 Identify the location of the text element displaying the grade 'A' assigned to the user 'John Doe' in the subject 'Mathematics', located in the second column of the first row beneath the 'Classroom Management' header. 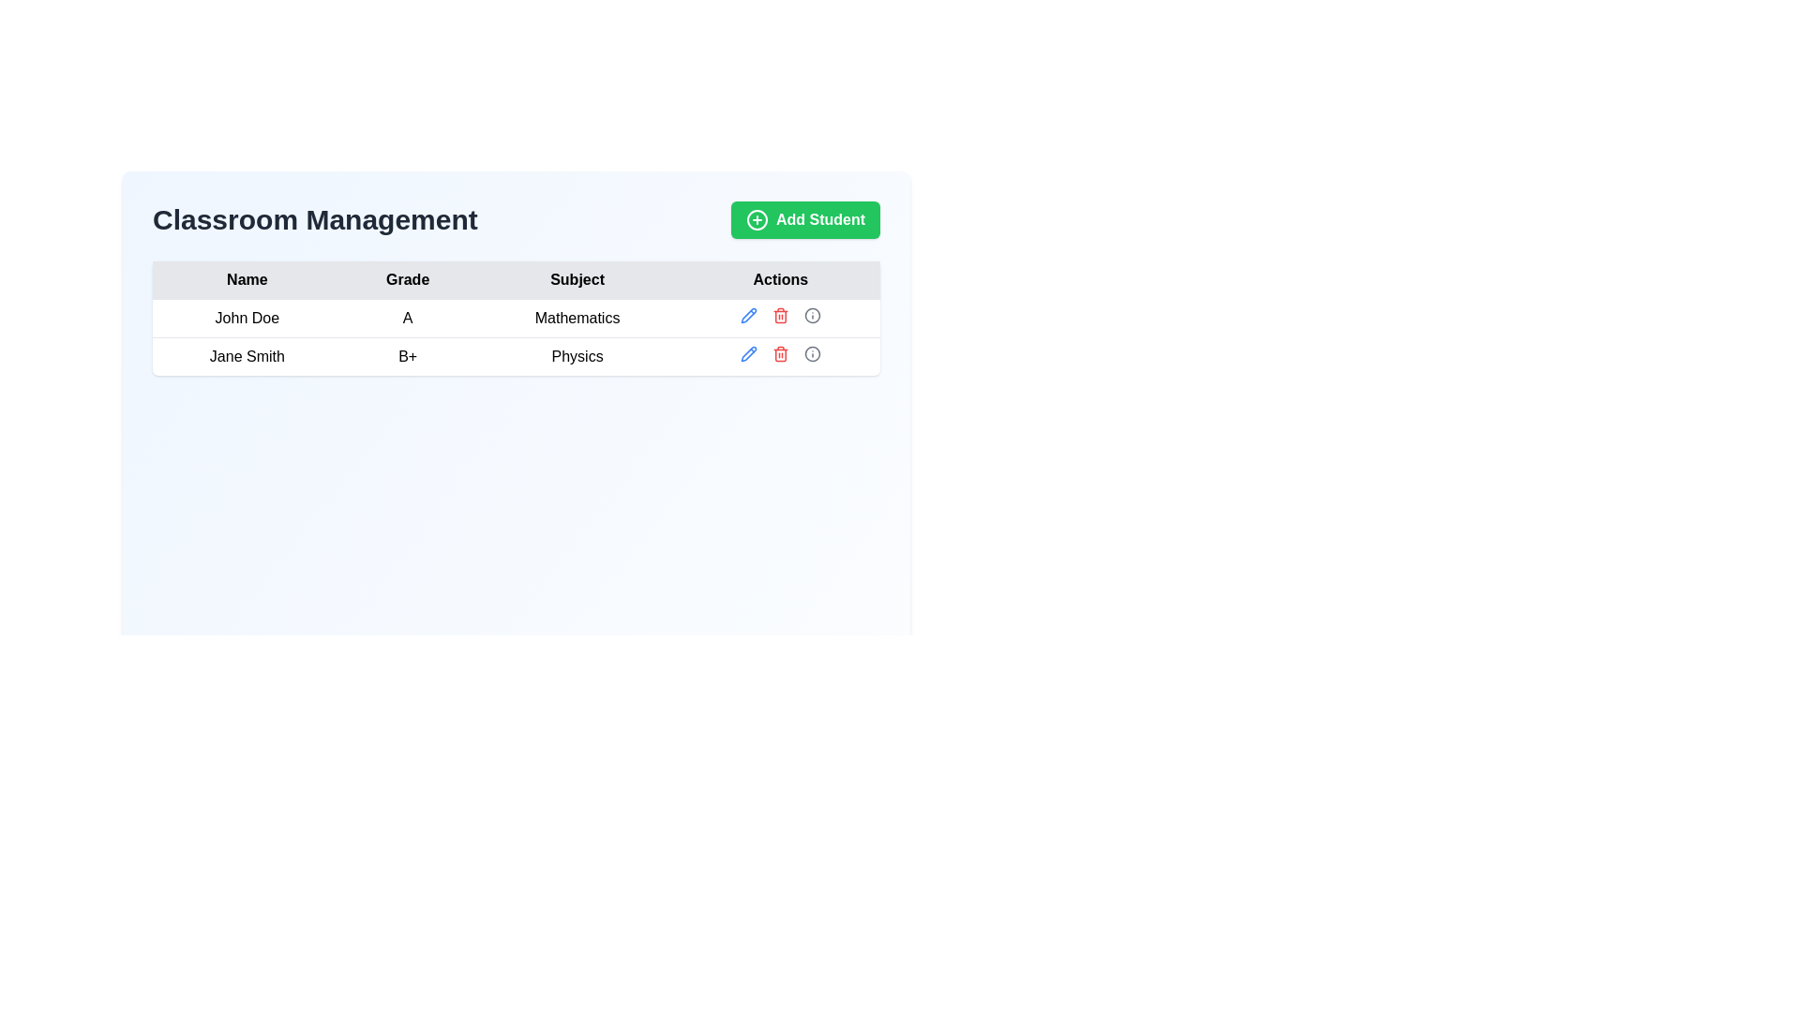
(407, 317).